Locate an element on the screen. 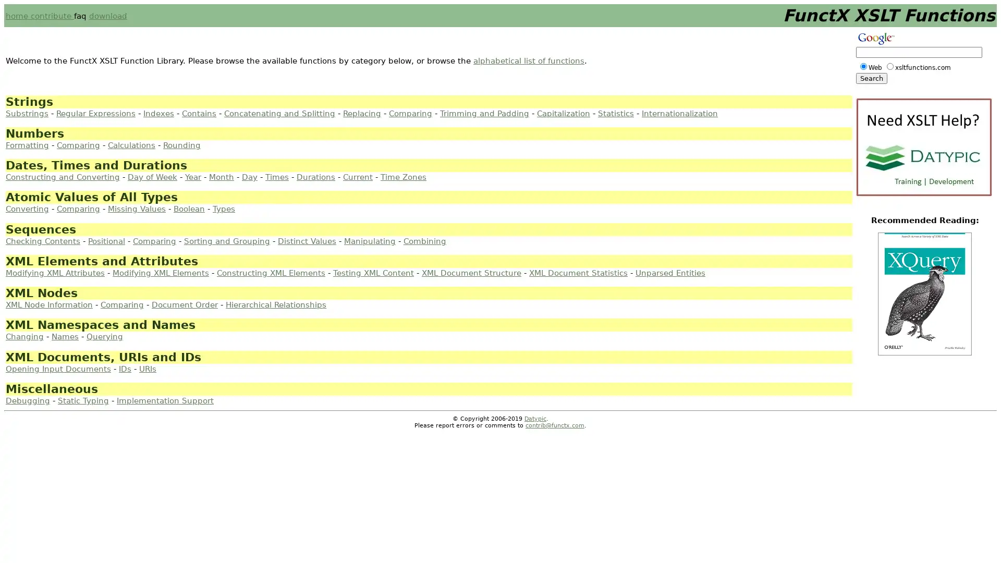 This screenshot has height=563, width=1001. Search is located at coordinates (871, 78).